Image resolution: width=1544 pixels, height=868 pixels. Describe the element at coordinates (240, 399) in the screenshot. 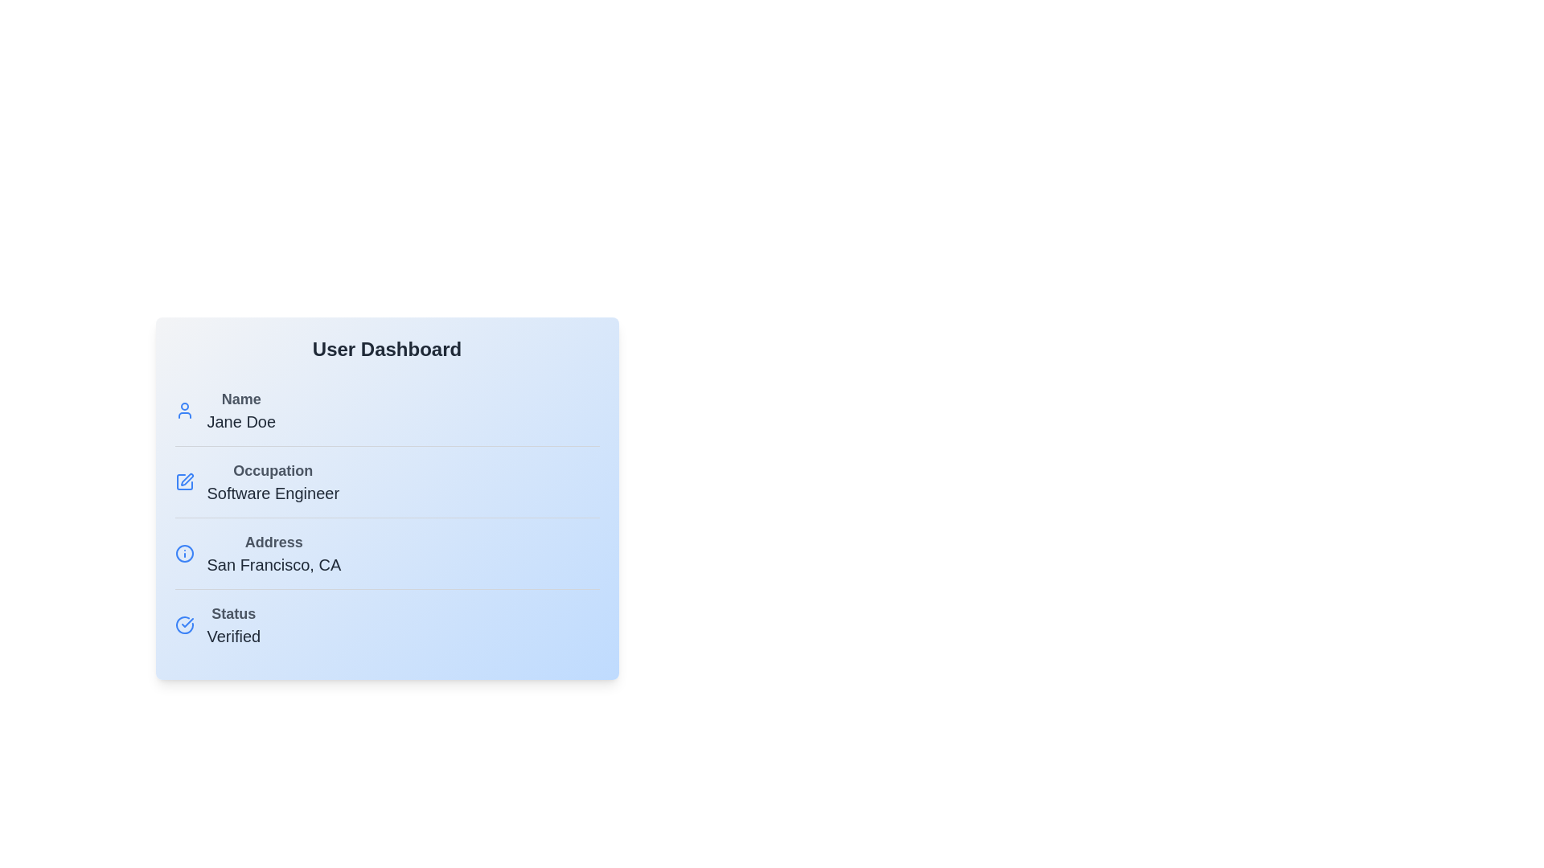

I see `the 'Name' label, which is styled in gray, bold, and larger font, located above the text 'Jane Doe' in the user details section` at that location.